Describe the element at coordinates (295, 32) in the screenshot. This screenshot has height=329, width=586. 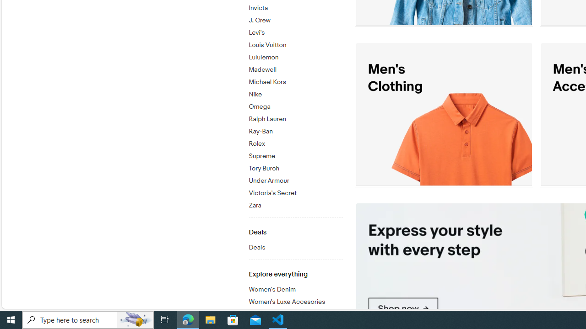
I see `'Levi'` at that location.